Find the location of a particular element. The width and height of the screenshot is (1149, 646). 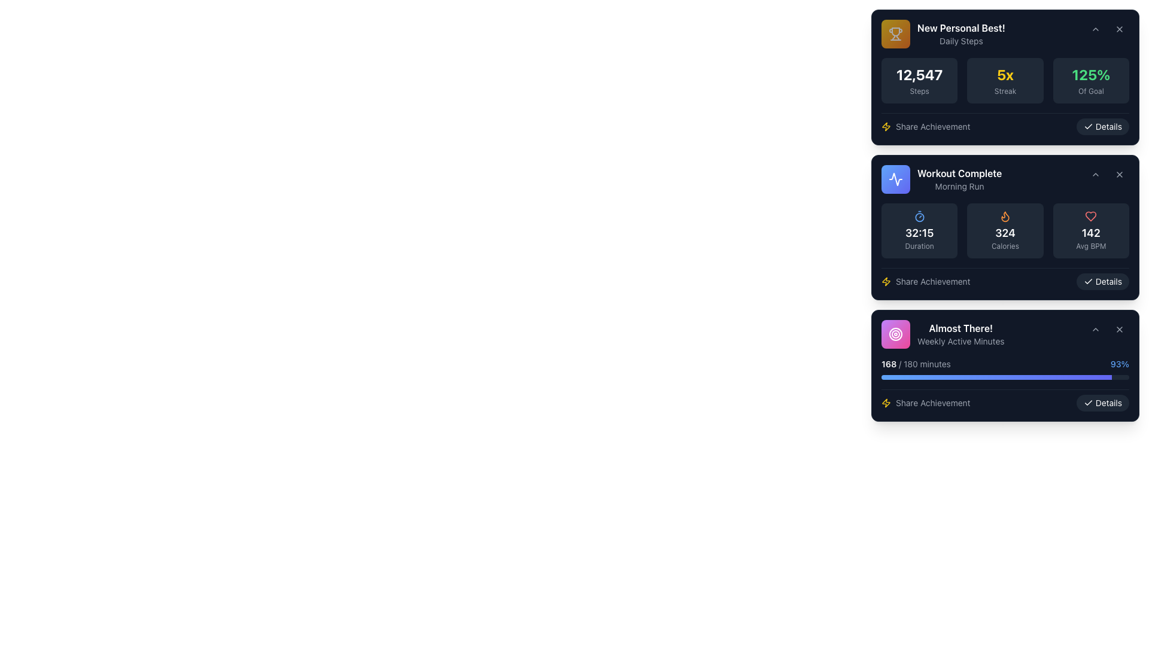

the downward-facing chevron icon button located in the top-right corner of the 'Workout Complete' card is located at coordinates (1095, 175).